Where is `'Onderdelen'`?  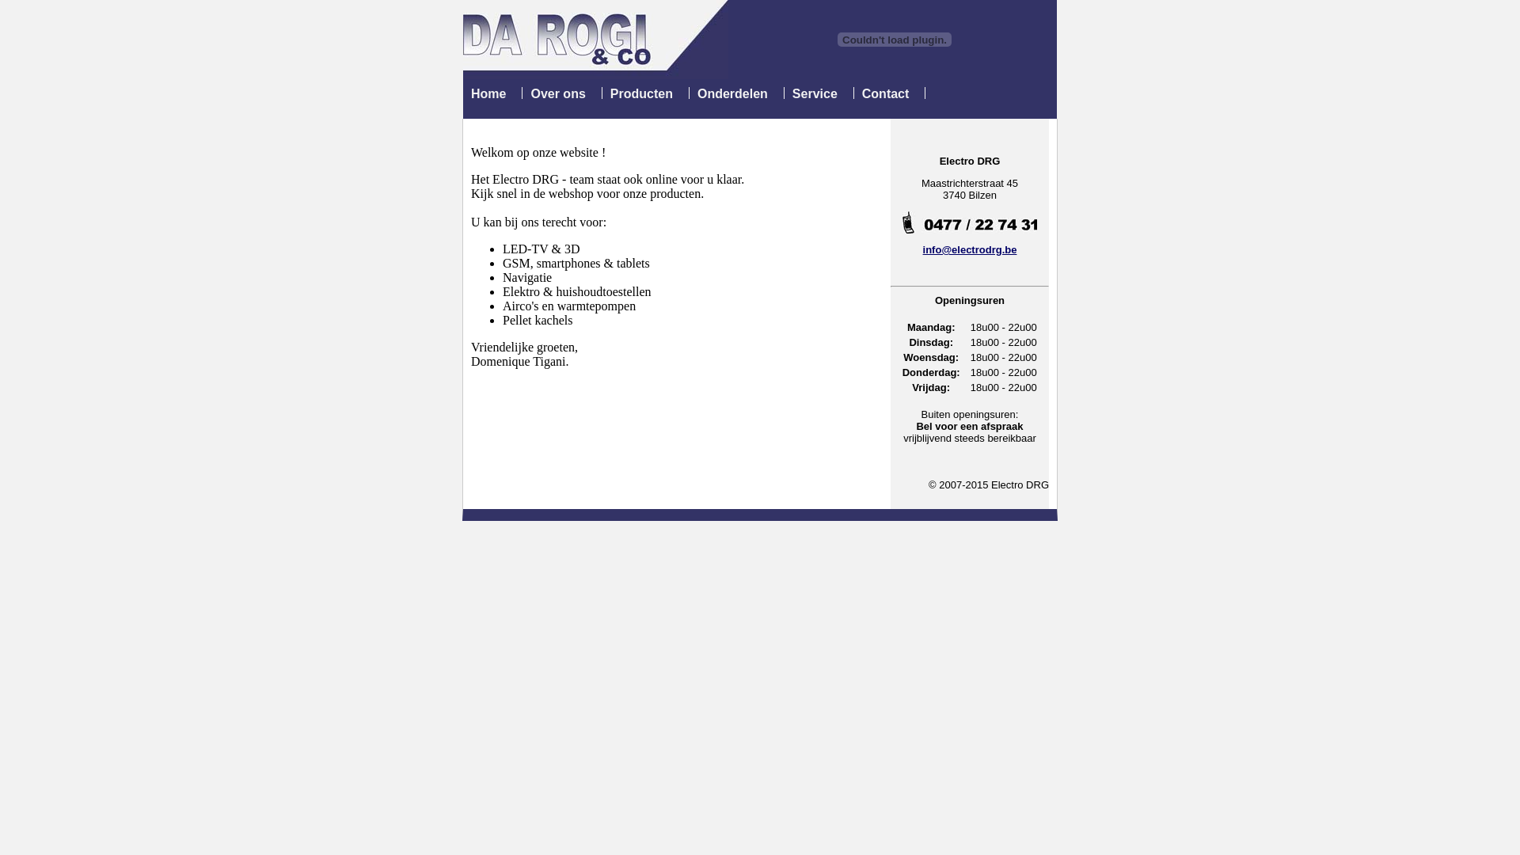 'Onderdelen' is located at coordinates (731, 93).